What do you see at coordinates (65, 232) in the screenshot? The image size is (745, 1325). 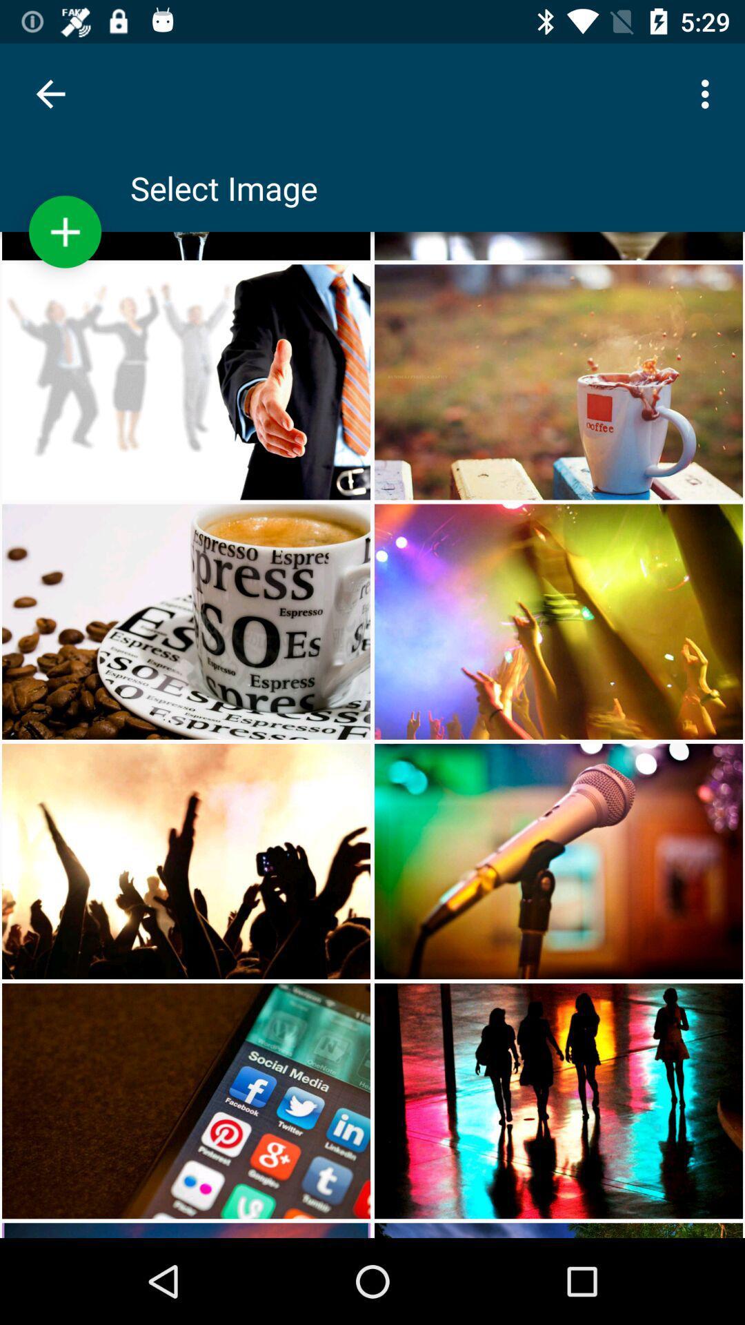 I see `the add icon` at bounding box center [65, 232].